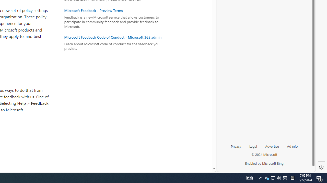 This screenshot has width=327, height=183. What do you see at coordinates (236, 148) in the screenshot?
I see `'Privacy'` at bounding box center [236, 148].